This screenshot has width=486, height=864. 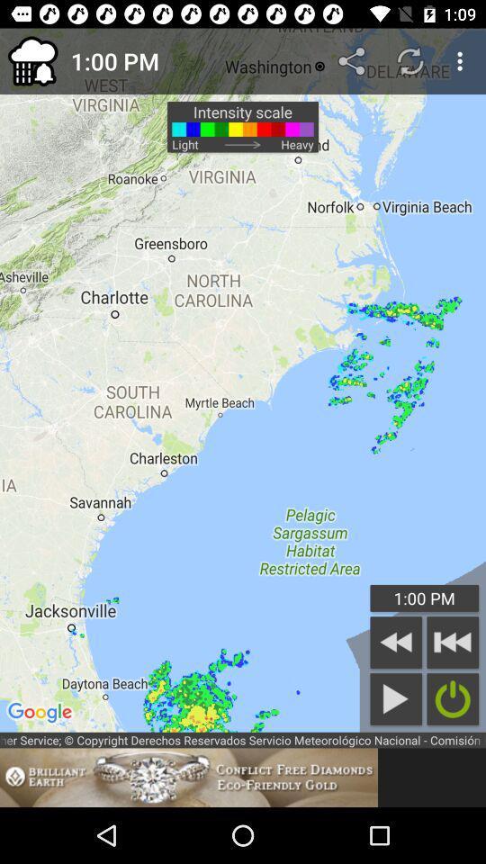 What do you see at coordinates (188, 777) in the screenshot?
I see `advertisements` at bounding box center [188, 777].